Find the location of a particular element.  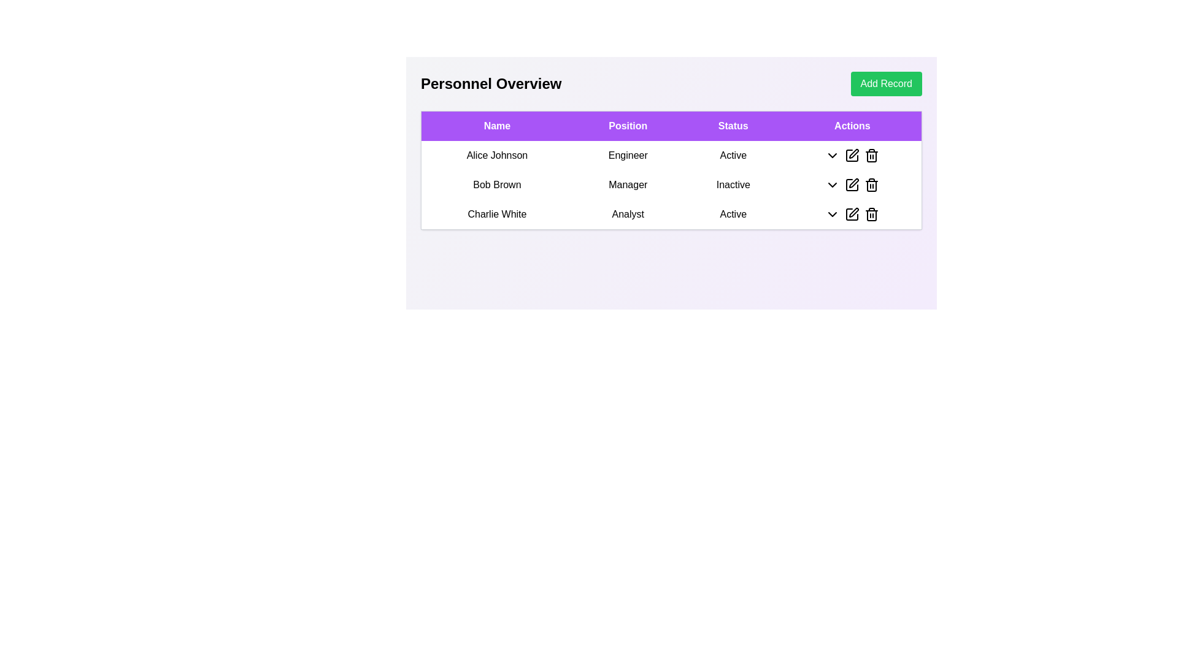

the static text element displaying 'Inactive' in the third column of the second row under 'Personnel Overview' is located at coordinates (733, 185).